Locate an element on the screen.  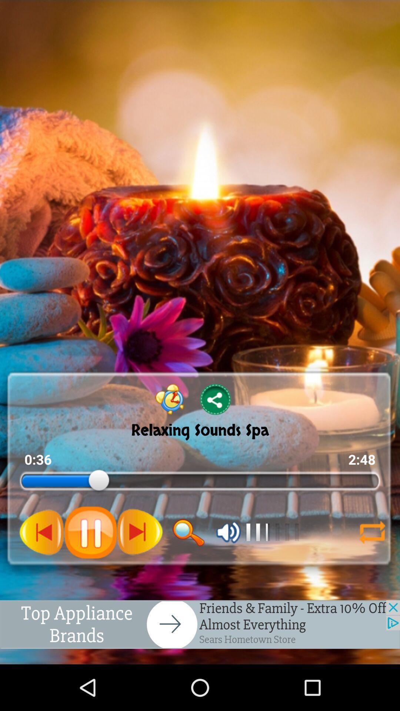
the time icon is located at coordinates (170, 427).